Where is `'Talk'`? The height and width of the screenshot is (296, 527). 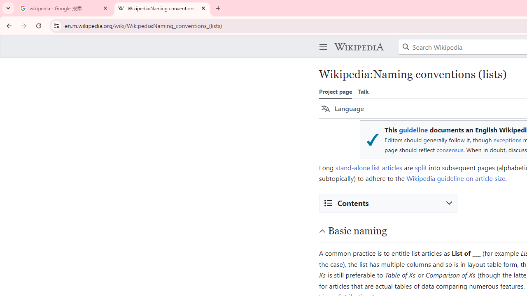
'Talk' is located at coordinates (363, 91).